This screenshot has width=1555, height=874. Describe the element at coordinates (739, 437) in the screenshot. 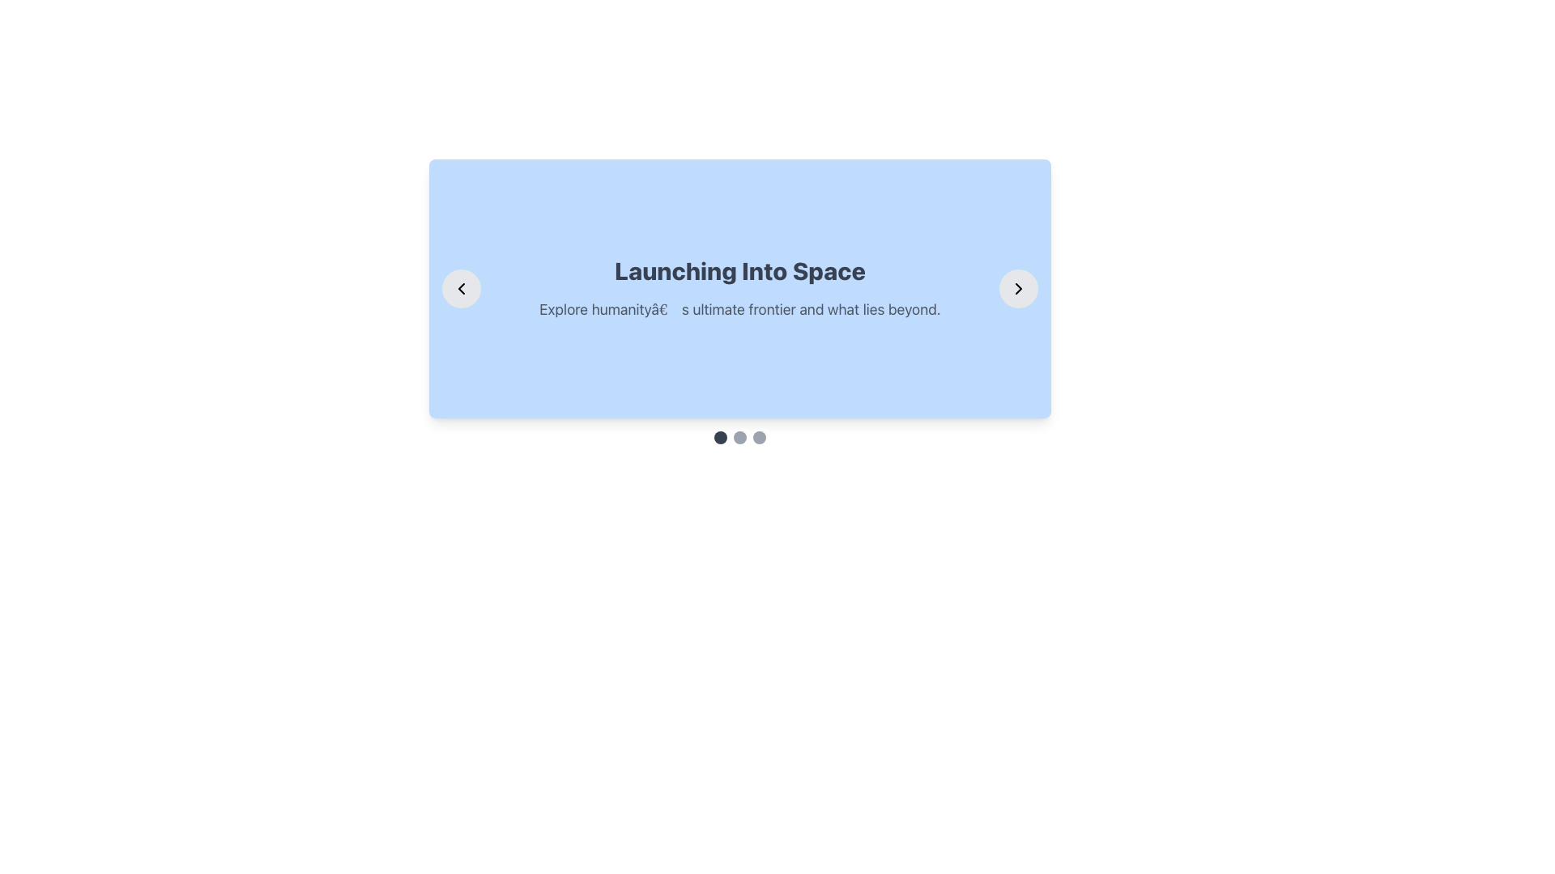

I see `the middle Carousel navigation button` at that location.